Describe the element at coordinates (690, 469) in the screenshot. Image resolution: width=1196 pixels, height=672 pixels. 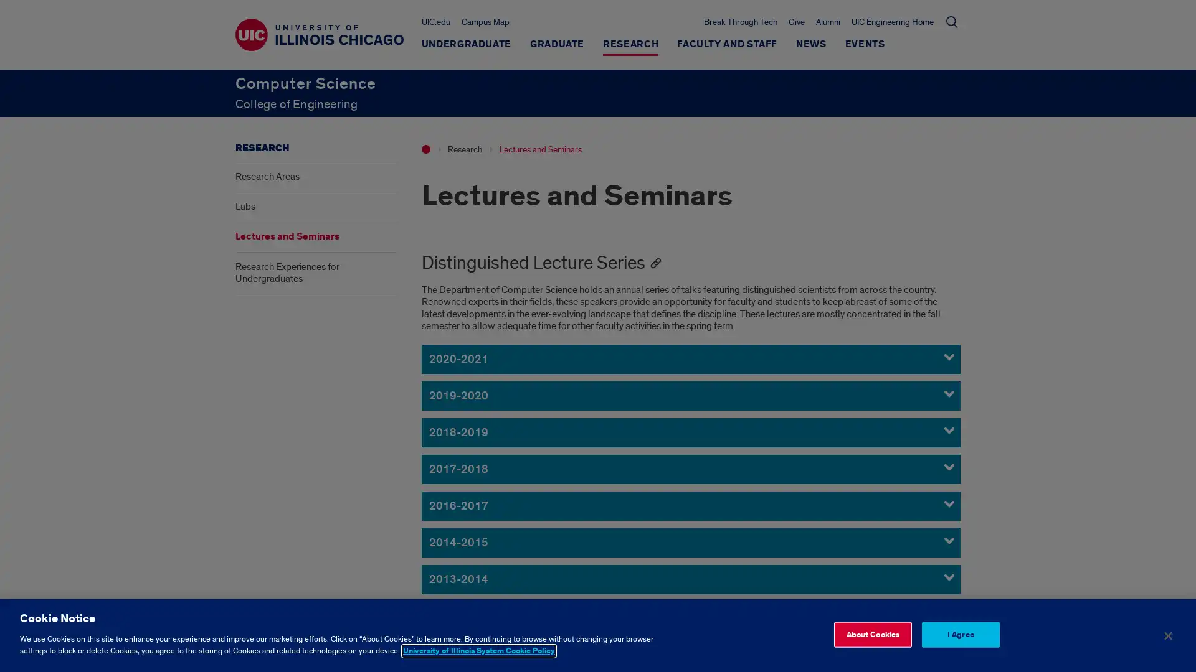
I see `2017-2018` at that location.